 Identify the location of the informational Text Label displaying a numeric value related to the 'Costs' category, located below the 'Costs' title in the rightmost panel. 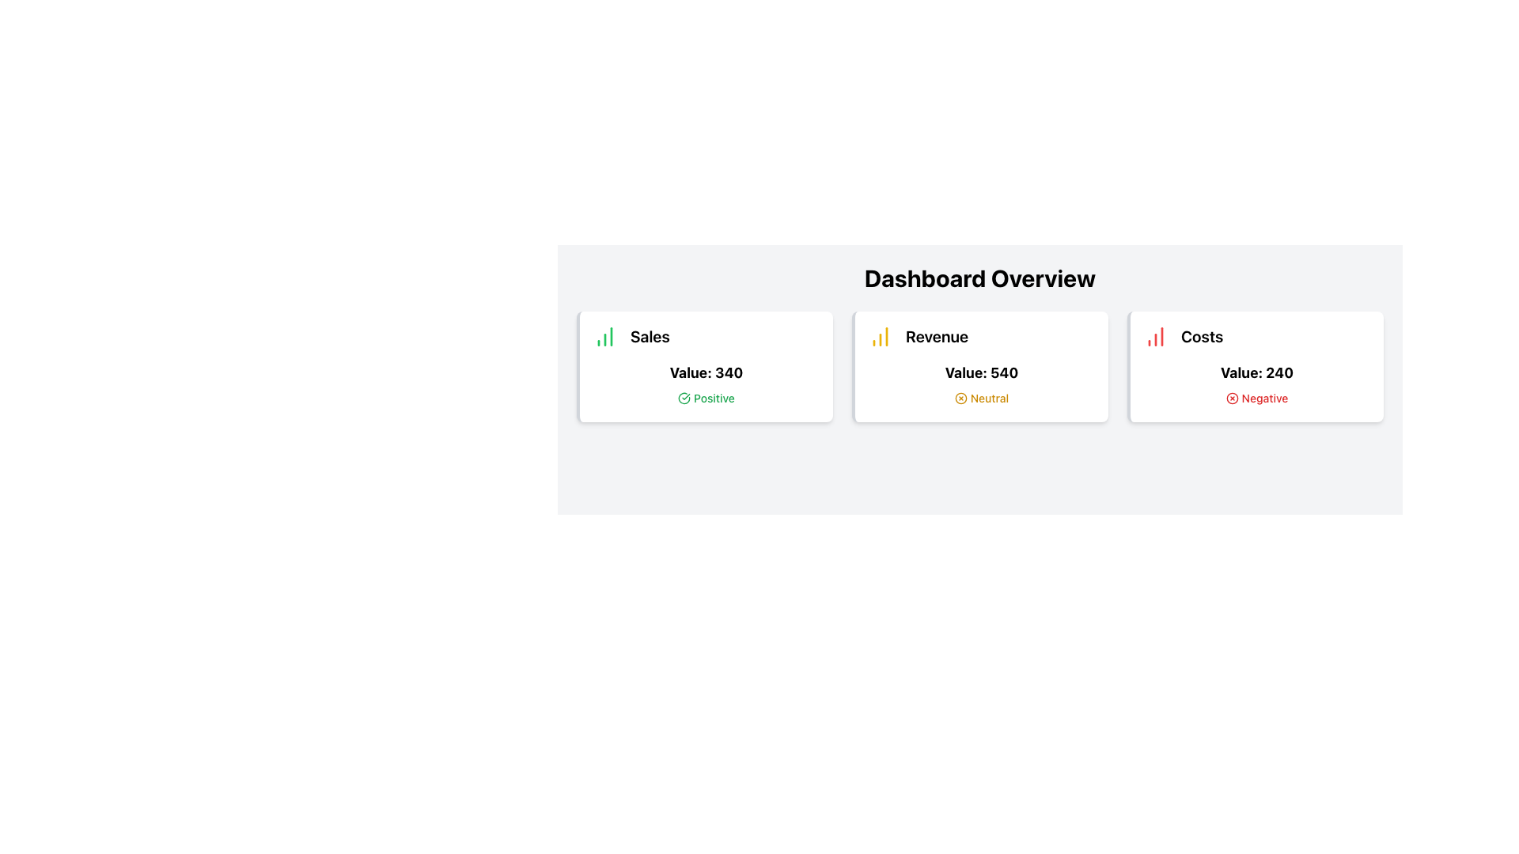
(1256, 372).